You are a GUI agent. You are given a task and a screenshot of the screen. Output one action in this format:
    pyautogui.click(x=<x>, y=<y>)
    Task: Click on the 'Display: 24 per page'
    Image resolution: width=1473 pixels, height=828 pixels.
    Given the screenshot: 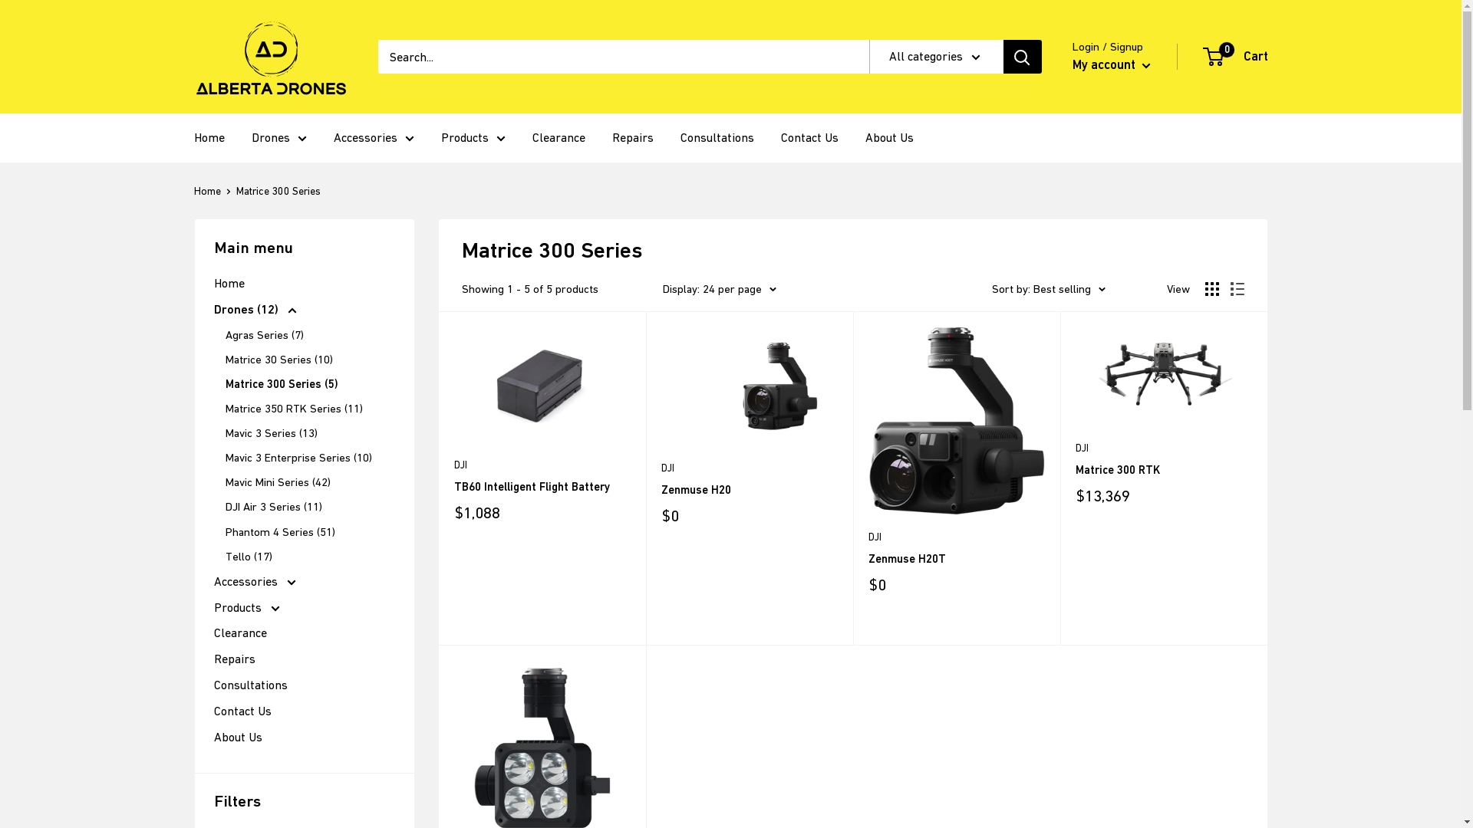 What is the action you would take?
    pyautogui.click(x=663, y=289)
    